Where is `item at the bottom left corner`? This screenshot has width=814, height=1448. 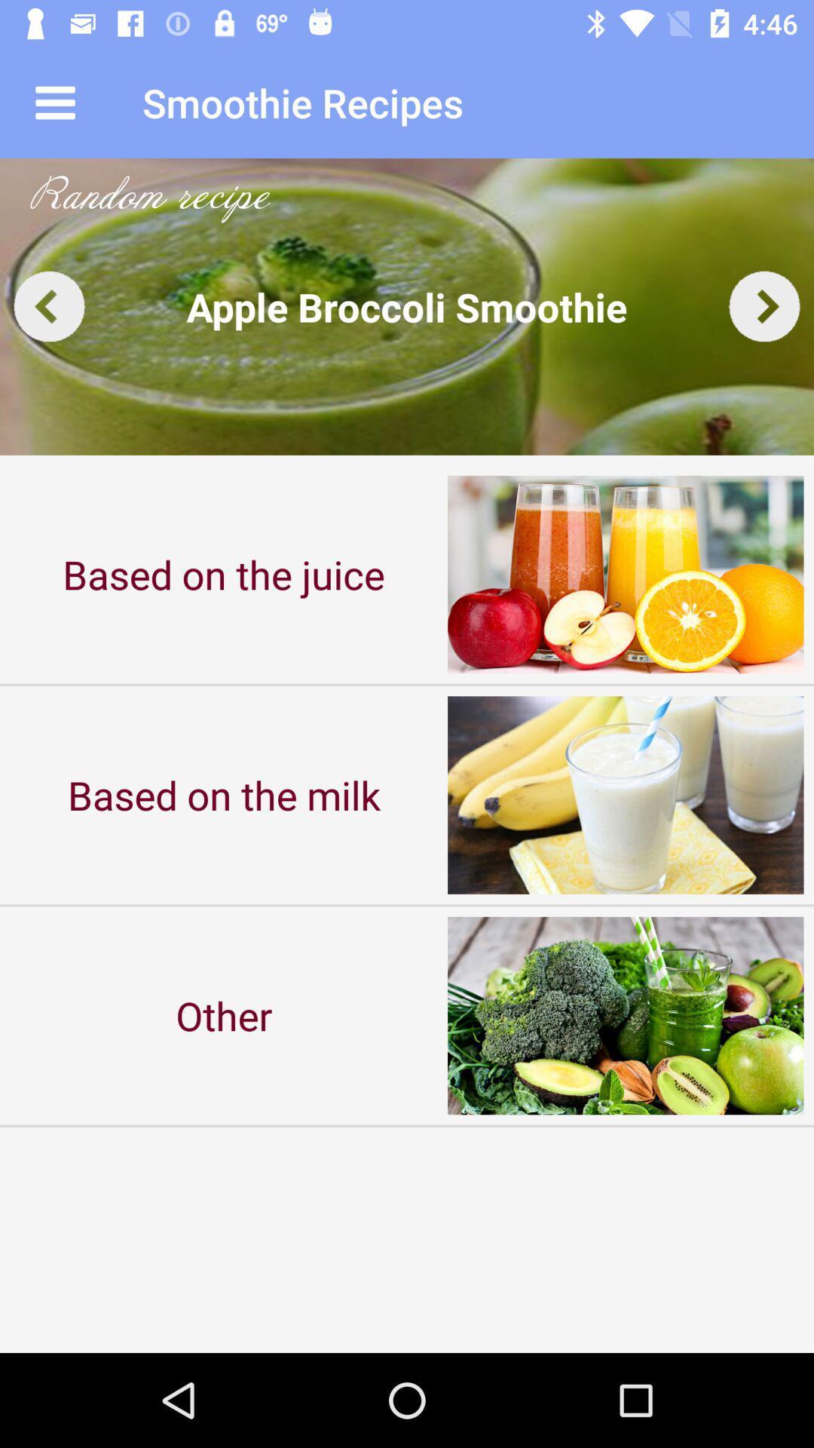
item at the bottom left corner is located at coordinates (224, 1015).